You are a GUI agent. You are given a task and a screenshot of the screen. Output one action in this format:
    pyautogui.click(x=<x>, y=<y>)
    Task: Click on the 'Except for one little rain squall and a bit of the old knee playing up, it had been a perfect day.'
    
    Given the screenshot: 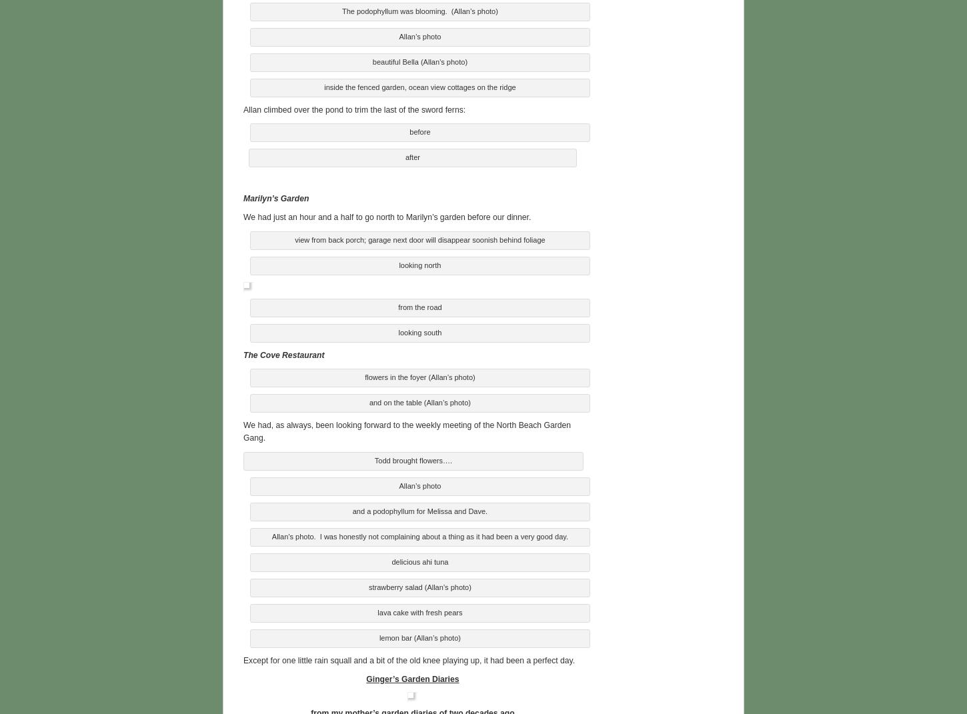 What is the action you would take?
    pyautogui.click(x=408, y=657)
    